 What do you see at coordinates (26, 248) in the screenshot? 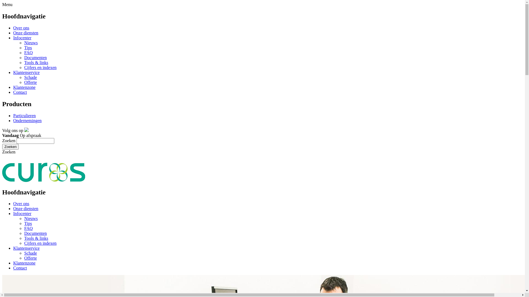
I see `'Klantenservice'` at bounding box center [26, 248].